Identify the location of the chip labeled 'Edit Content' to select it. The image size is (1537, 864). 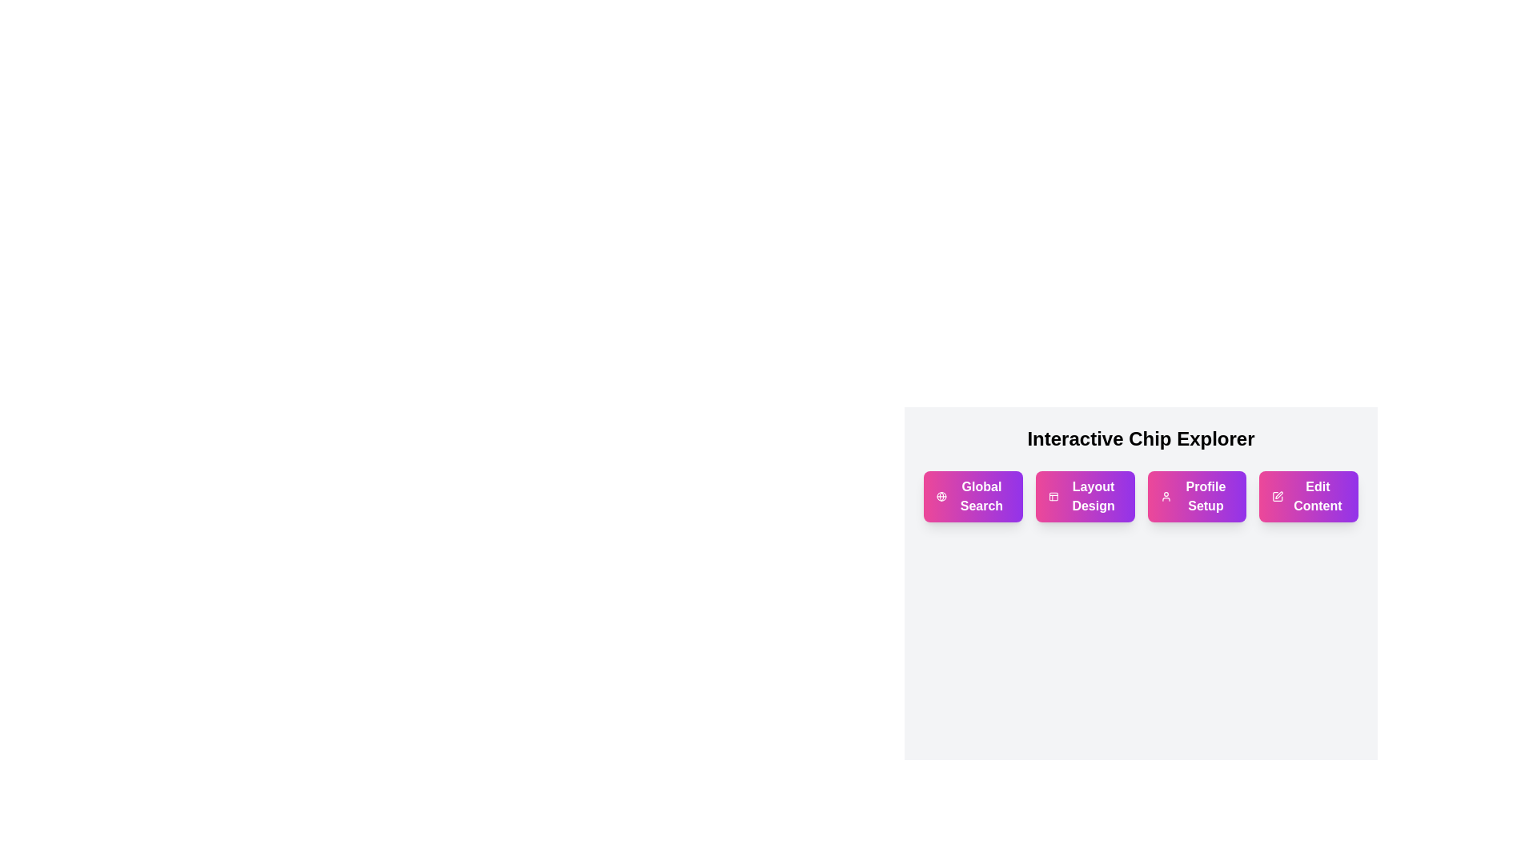
(1309, 496).